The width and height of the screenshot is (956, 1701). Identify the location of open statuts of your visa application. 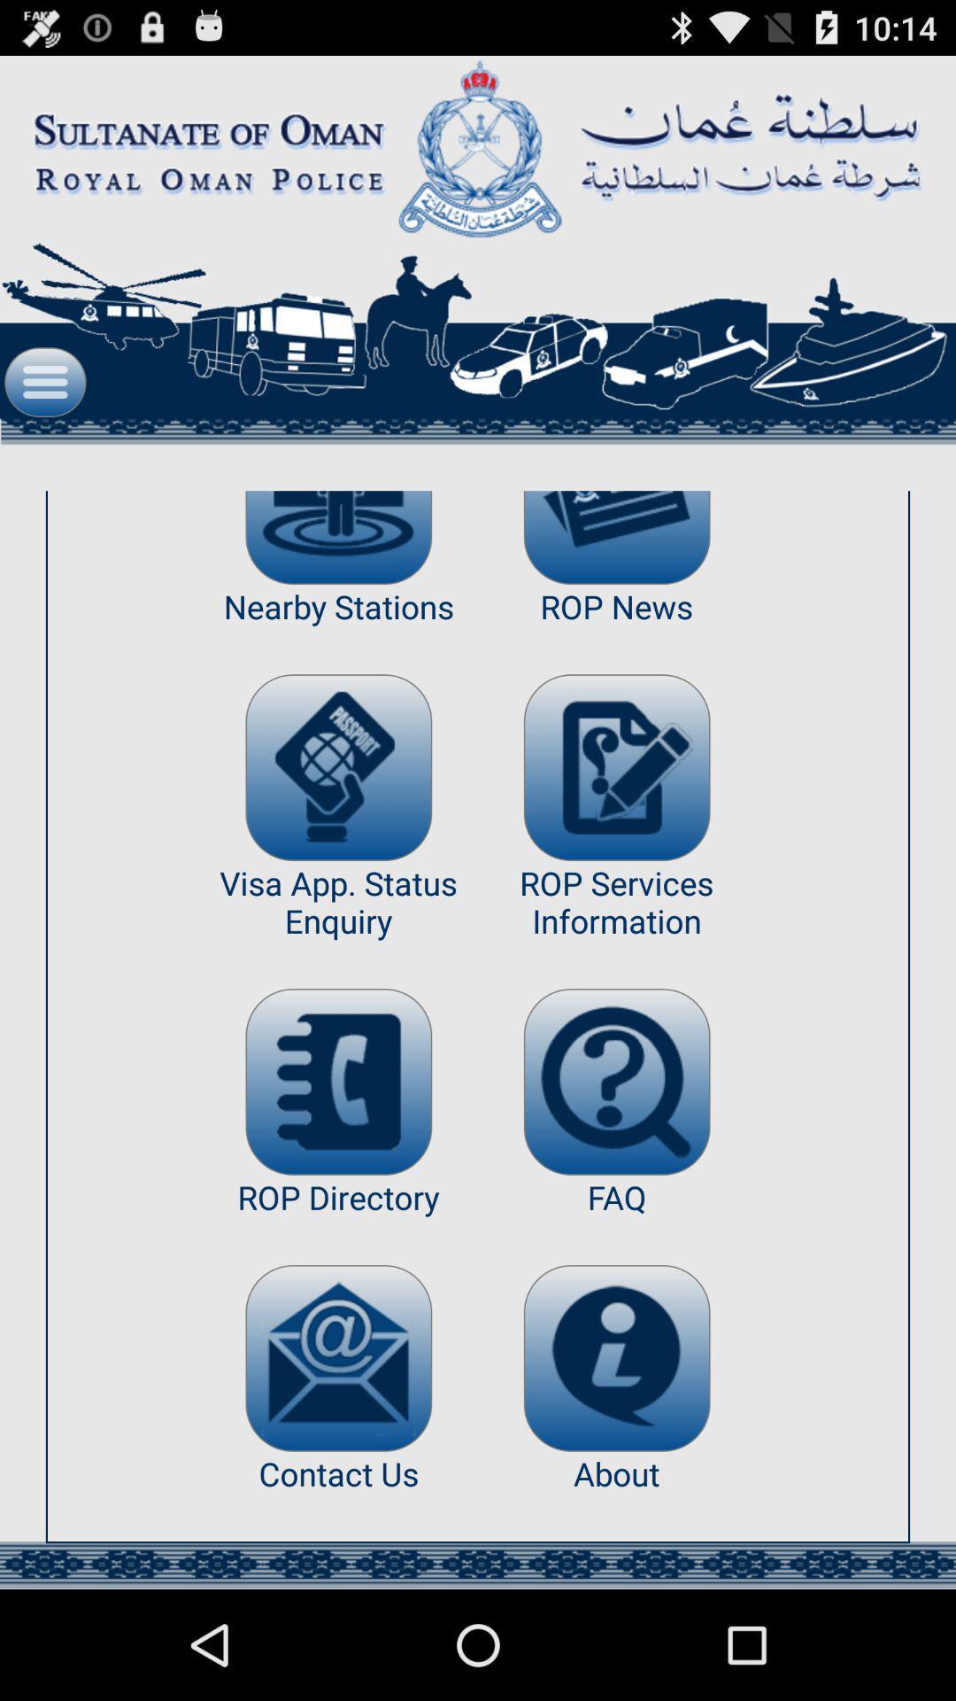
(338, 767).